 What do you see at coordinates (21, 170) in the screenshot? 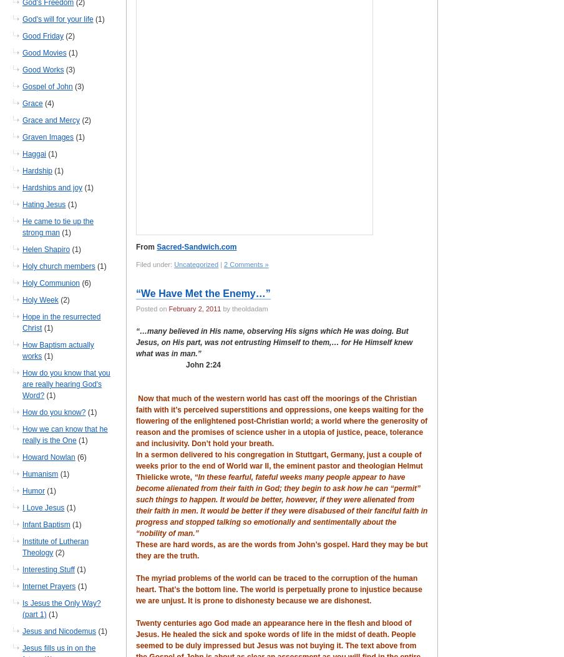
I see `'Hardship'` at bounding box center [21, 170].